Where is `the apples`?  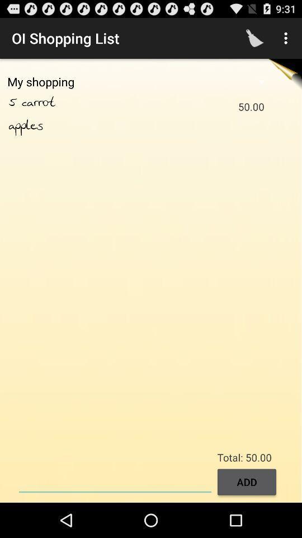 the apples is located at coordinates (26, 126).